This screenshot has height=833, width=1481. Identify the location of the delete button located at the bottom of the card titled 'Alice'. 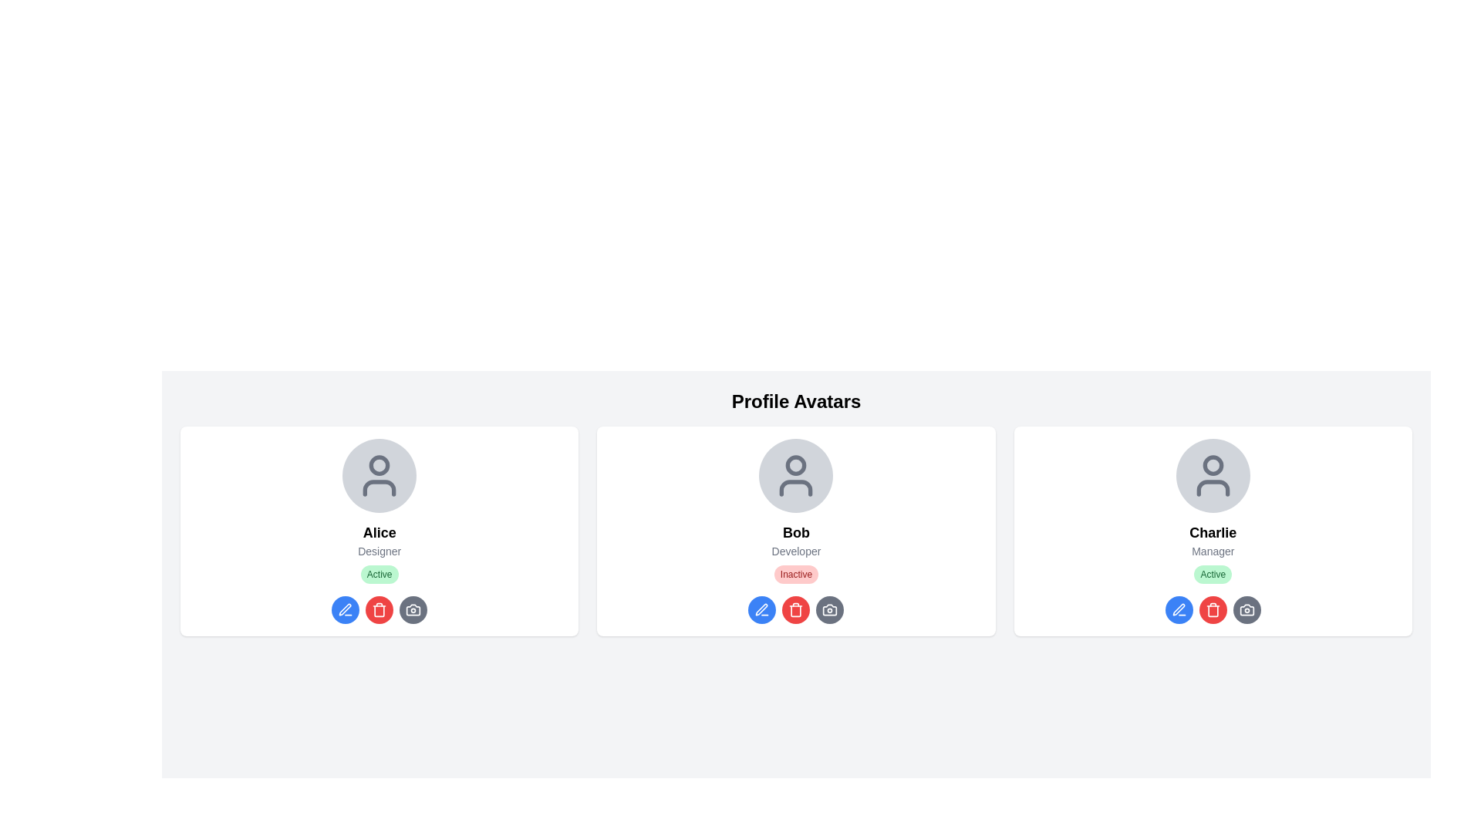
(380, 609).